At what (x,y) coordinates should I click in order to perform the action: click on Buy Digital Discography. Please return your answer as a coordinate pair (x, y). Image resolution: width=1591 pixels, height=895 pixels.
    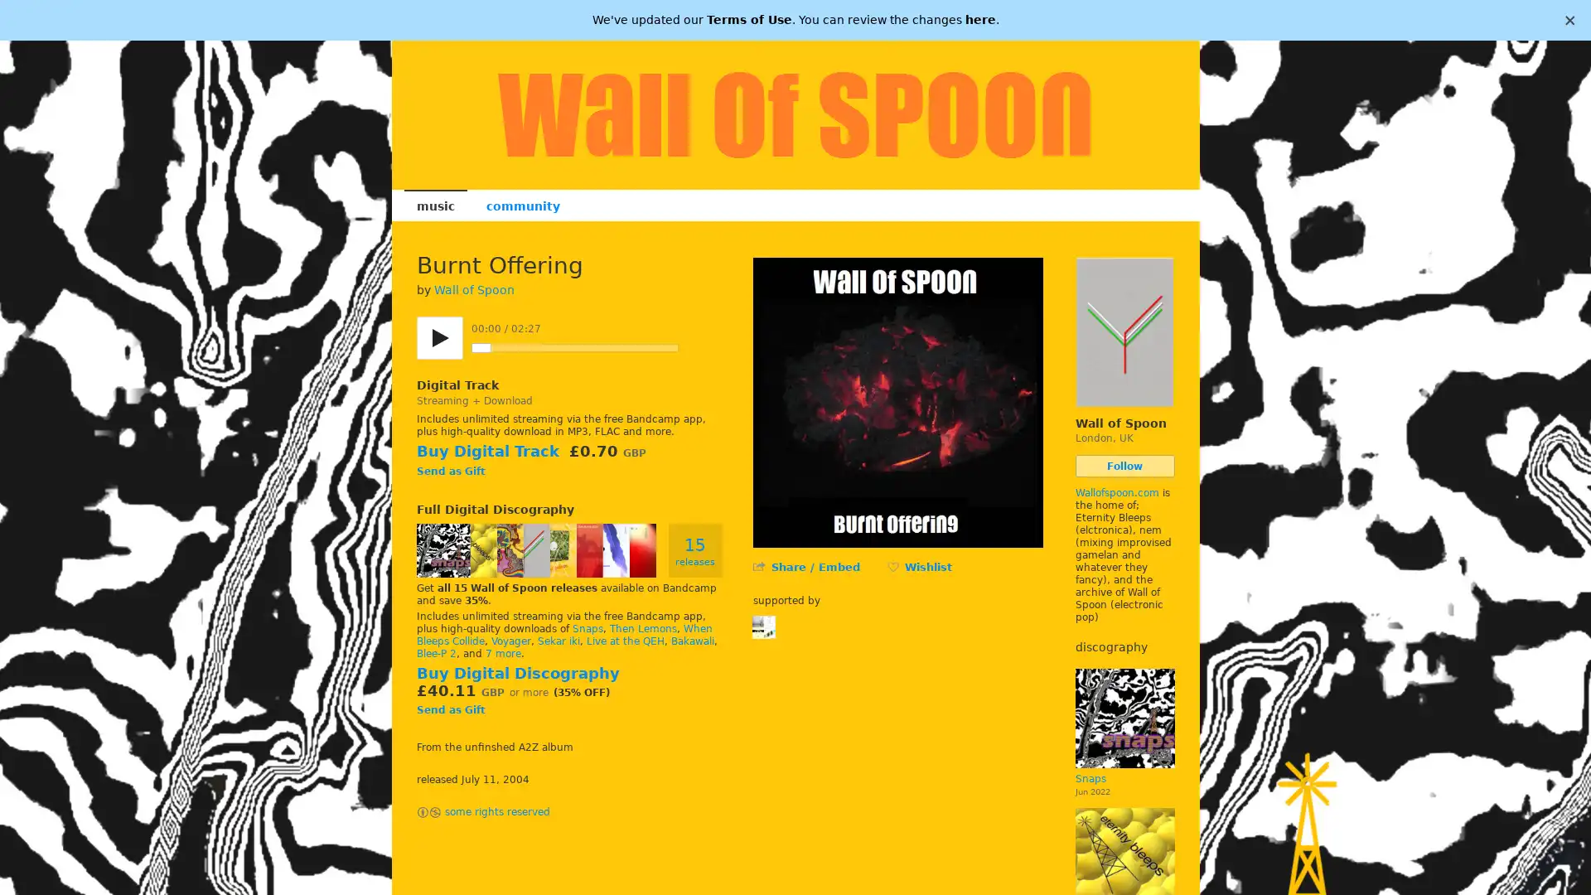
    Looking at the image, I should click on (516, 673).